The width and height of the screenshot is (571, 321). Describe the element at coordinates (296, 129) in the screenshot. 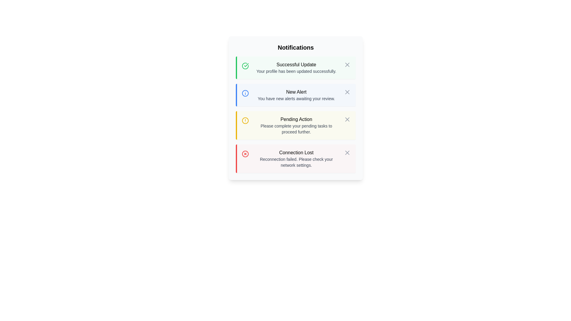

I see `the static text label that prompts the user to complete their pending tasks, located below the title 'Pending Action' in the notification panel` at that location.